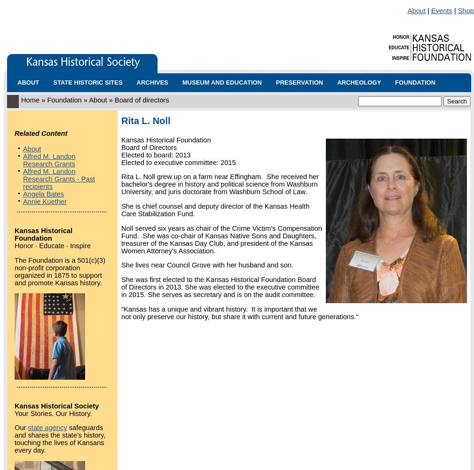 The image size is (474, 470). Describe the element at coordinates (60, 439) in the screenshot. I see `'safeguards and shares the state’s history, touching the lives of Kansans every day.'` at that location.